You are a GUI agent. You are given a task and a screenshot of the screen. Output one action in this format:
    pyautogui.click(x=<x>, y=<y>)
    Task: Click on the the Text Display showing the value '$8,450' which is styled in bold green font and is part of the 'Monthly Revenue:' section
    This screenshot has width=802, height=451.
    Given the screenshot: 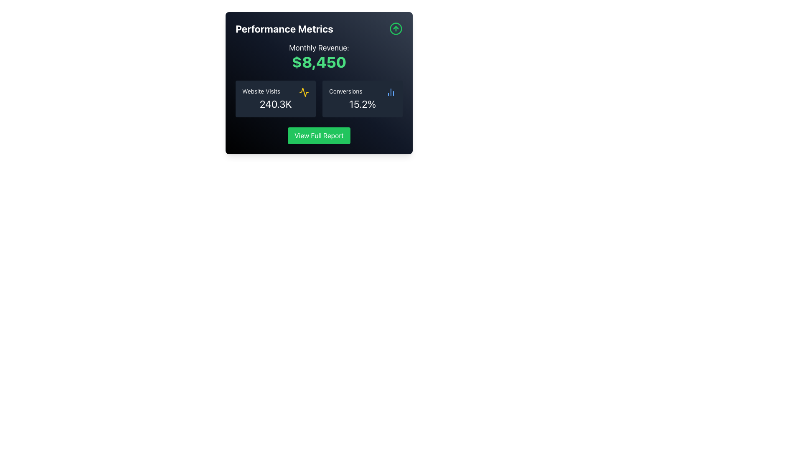 What is the action you would take?
    pyautogui.click(x=318, y=62)
    